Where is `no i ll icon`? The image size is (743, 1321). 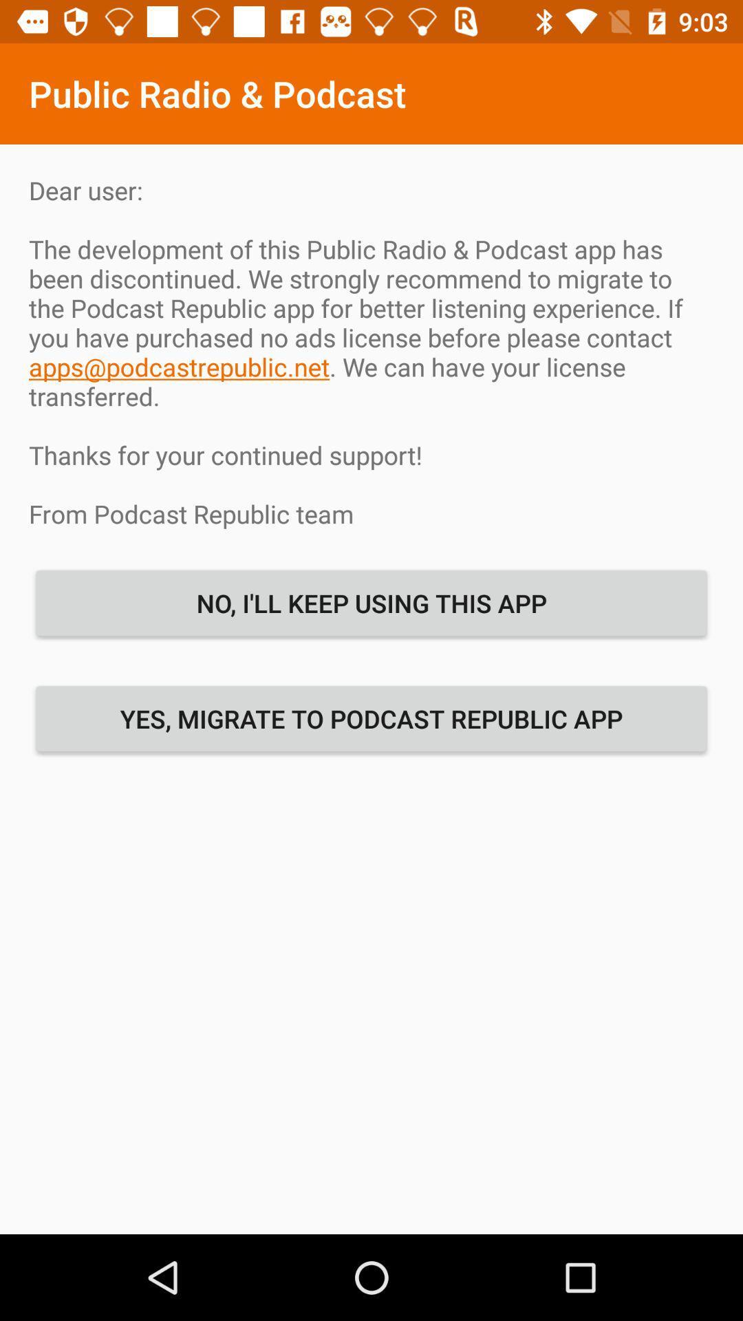
no i ll icon is located at coordinates (371, 603).